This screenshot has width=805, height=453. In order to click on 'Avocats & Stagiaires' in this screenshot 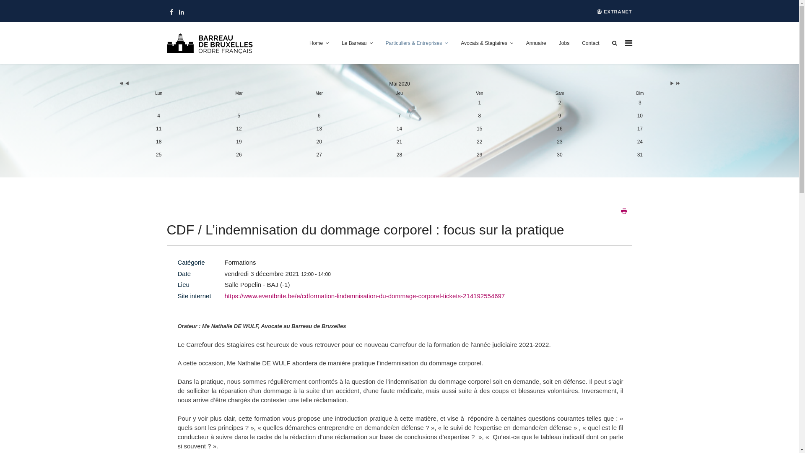, I will do `click(487, 43)`.